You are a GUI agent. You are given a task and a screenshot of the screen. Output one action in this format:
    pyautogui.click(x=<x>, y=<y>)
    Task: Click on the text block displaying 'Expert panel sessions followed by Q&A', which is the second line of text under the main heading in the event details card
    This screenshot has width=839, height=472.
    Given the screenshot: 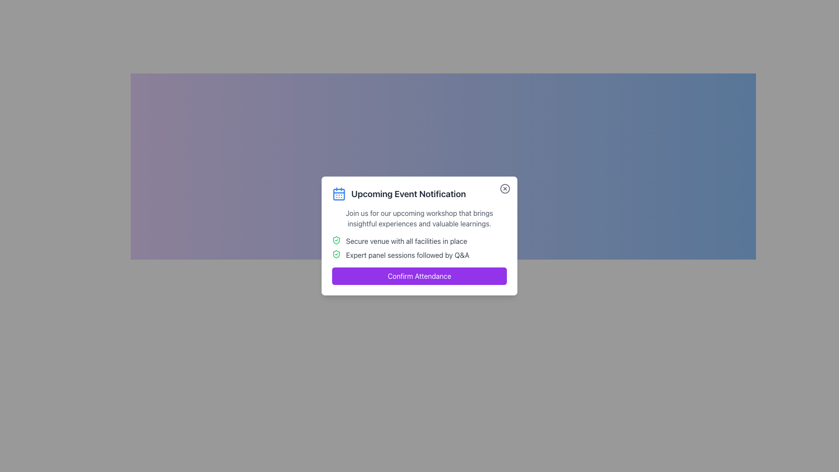 What is the action you would take?
    pyautogui.click(x=407, y=255)
    